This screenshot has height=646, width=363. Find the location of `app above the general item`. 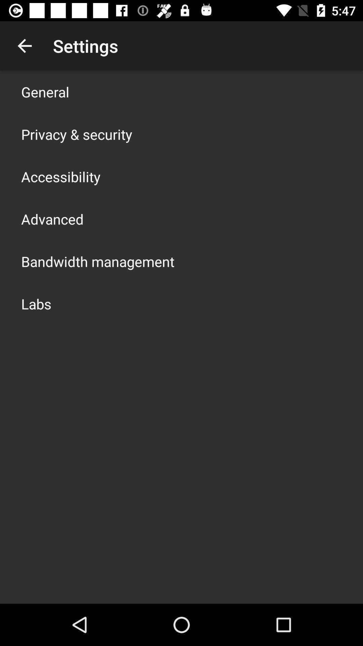

app above the general item is located at coordinates (24, 45).